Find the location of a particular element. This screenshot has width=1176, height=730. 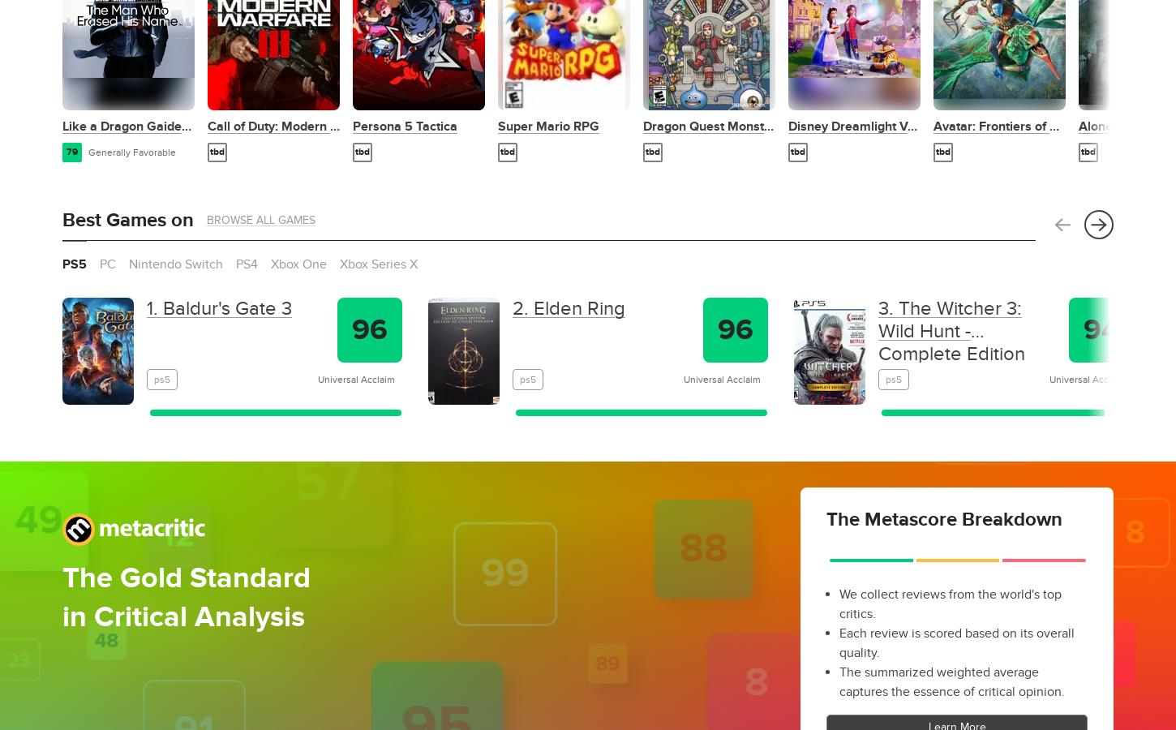

'Nintendo Switch' is located at coordinates (128, 263).